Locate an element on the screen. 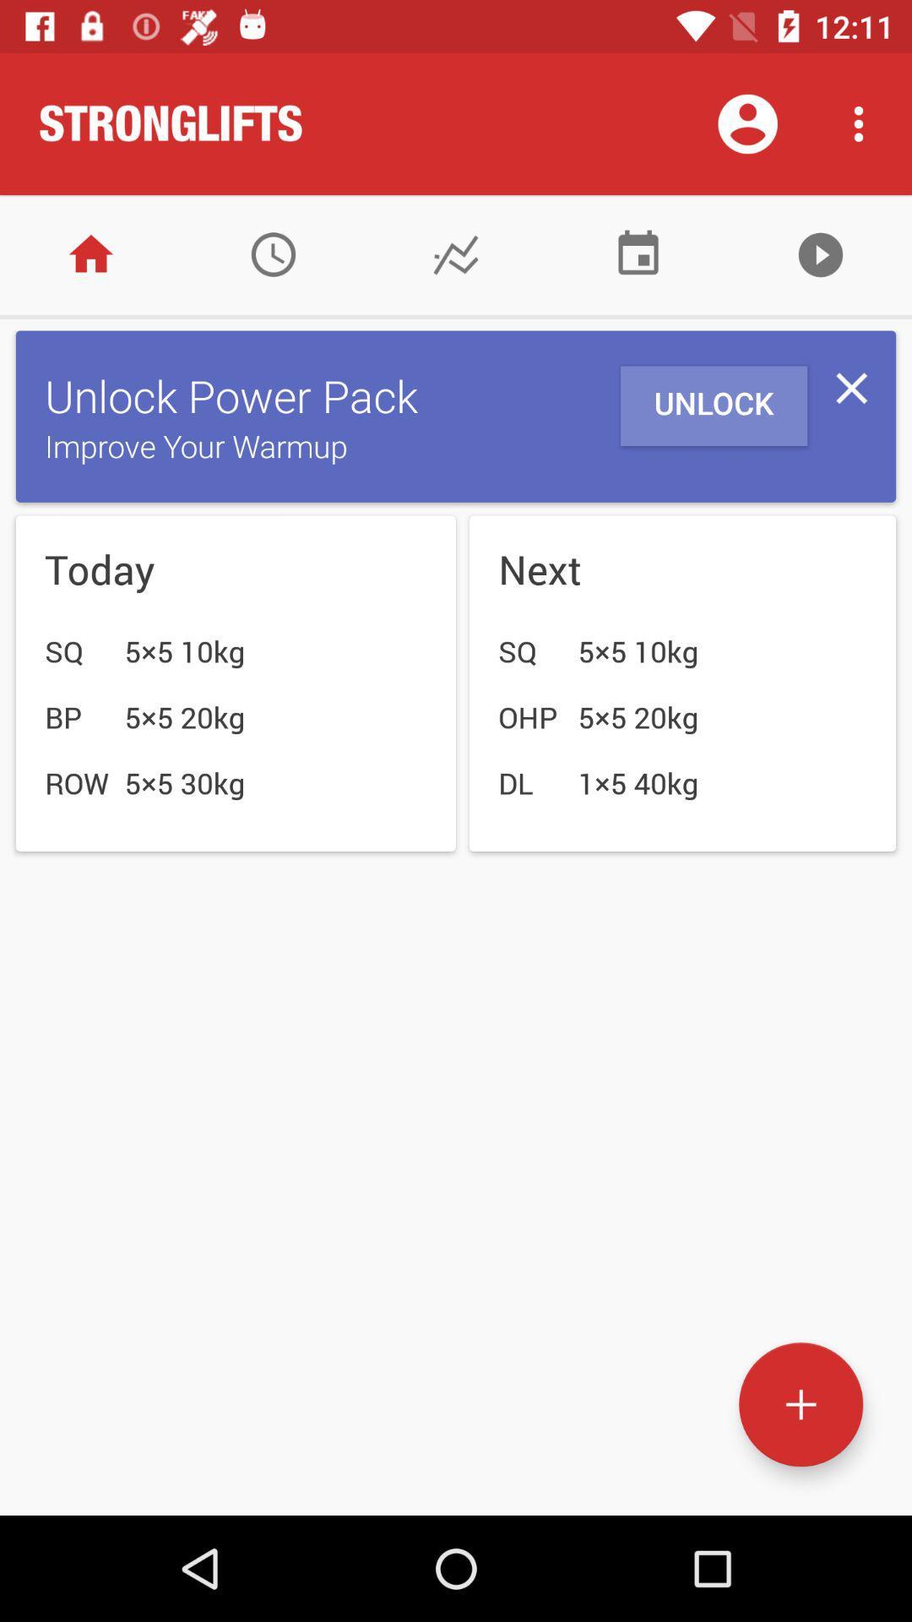  the option is located at coordinates (851, 387).